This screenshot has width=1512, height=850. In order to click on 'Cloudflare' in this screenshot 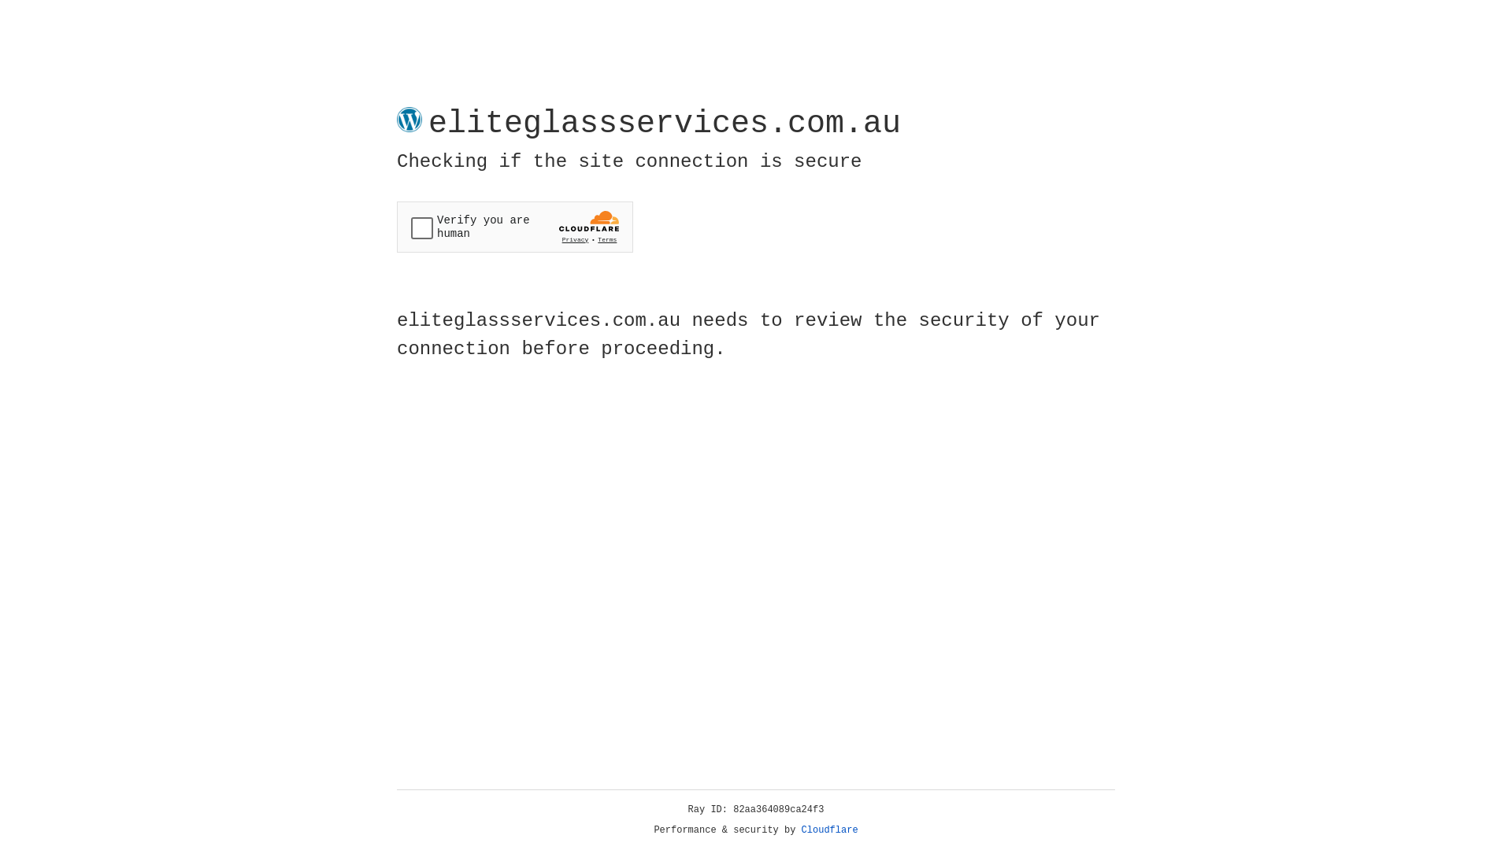, I will do `click(801, 830)`.